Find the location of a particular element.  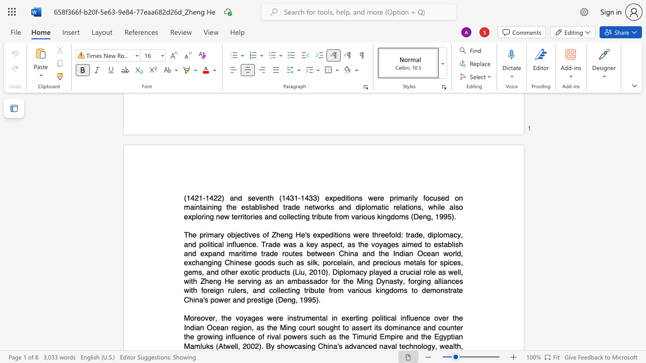

the subset text "Indian Ocean region, as the Ming court sought to assert its dominance and counter" within the text "Moreover, the voyages were instrumental in exerting political influence over the Indian Ocean region, as the Ming court sought to assert its dominance and counter the growing influence of rival powers such as the Timurid Empire and the Egyptian Mamluks (Atwell, 2002). By" is located at coordinates (184, 327).